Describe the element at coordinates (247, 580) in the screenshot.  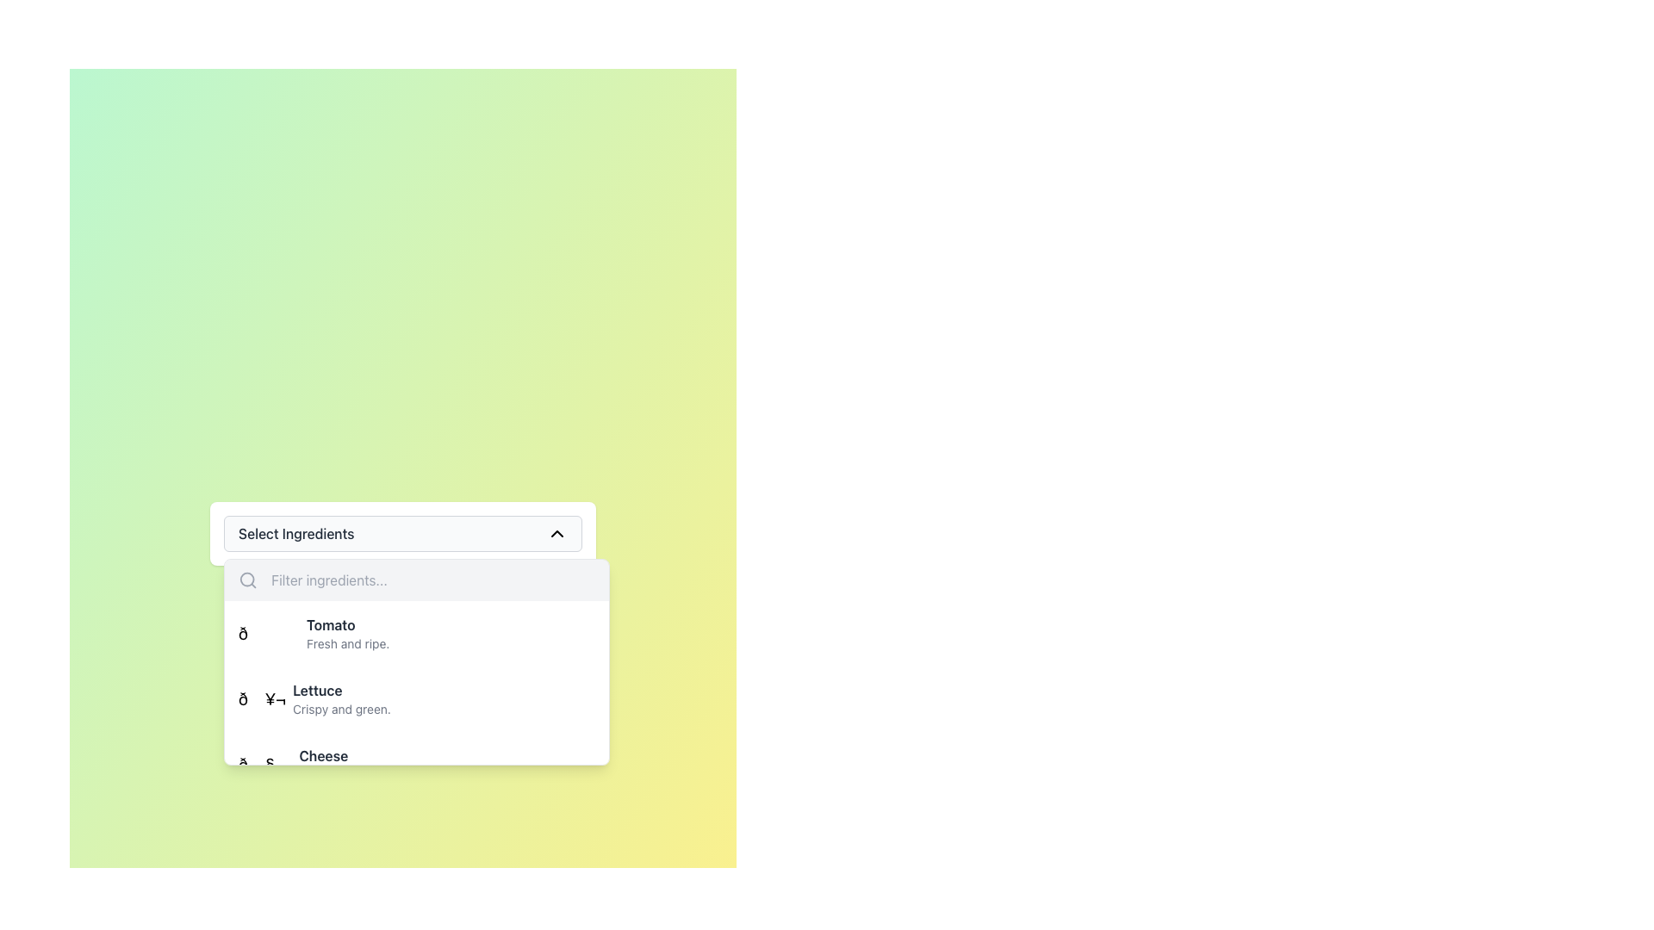
I see `the search icon, which is a gray magnifying glass shape located at the leftmost side of the text input field prompting the user to filter ingredients` at that location.